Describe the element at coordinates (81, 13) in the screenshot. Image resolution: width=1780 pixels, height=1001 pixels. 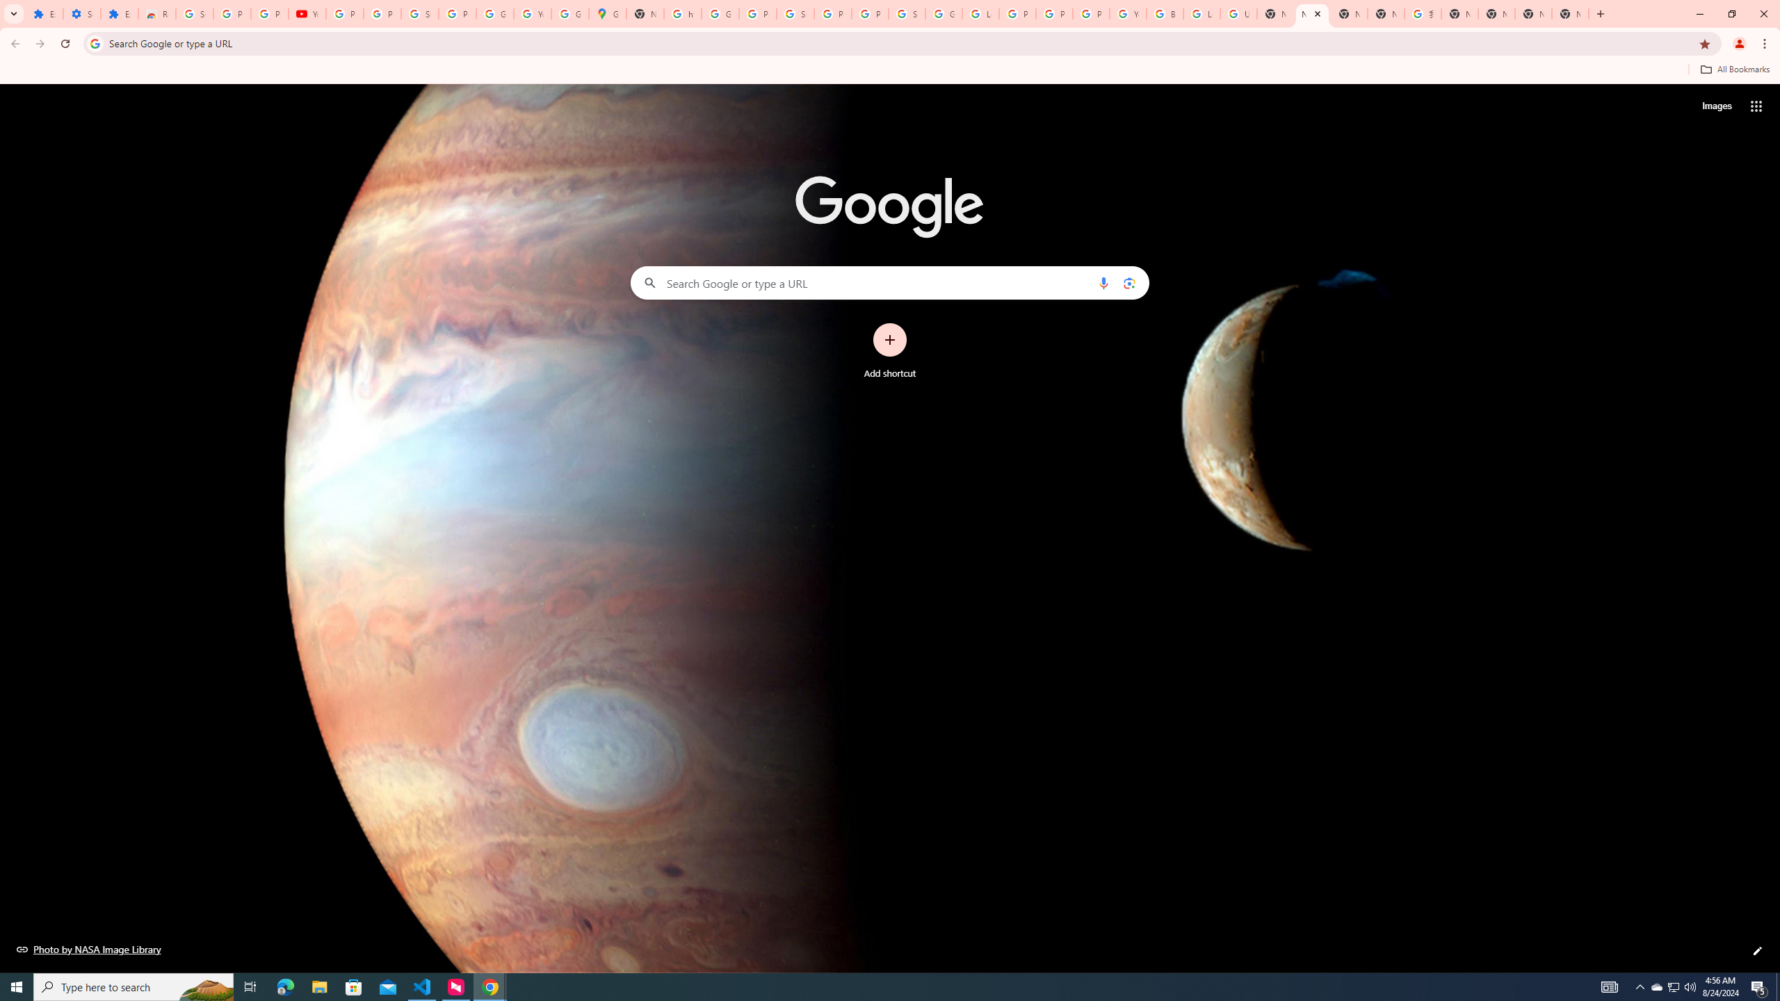
I see `'Settings'` at that location.